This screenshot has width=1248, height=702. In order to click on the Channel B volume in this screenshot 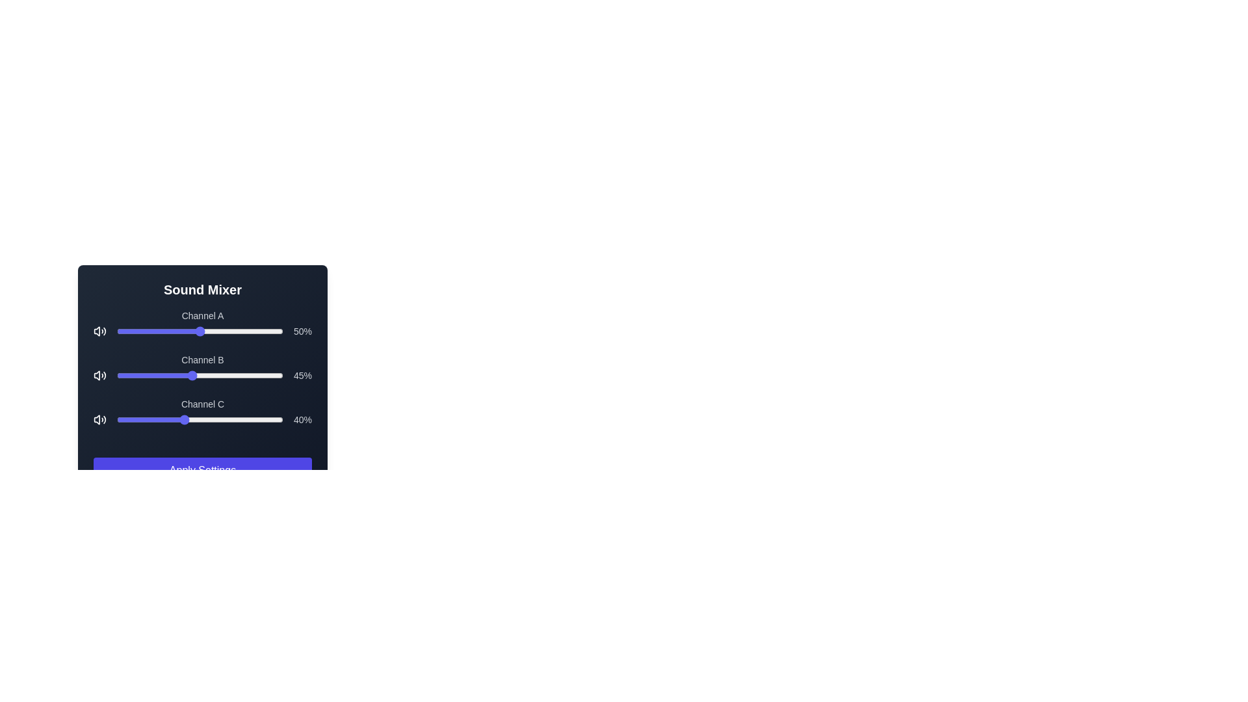, I will do `click(260, 376)`.